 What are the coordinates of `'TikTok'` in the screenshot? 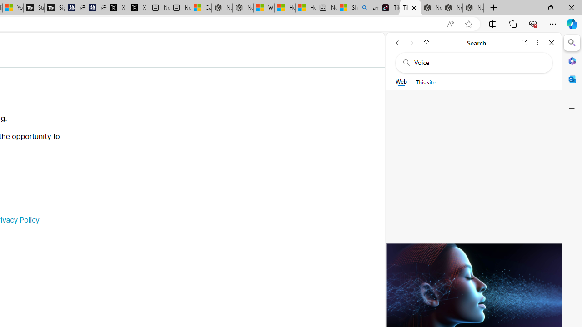 It's located at (410, 8).